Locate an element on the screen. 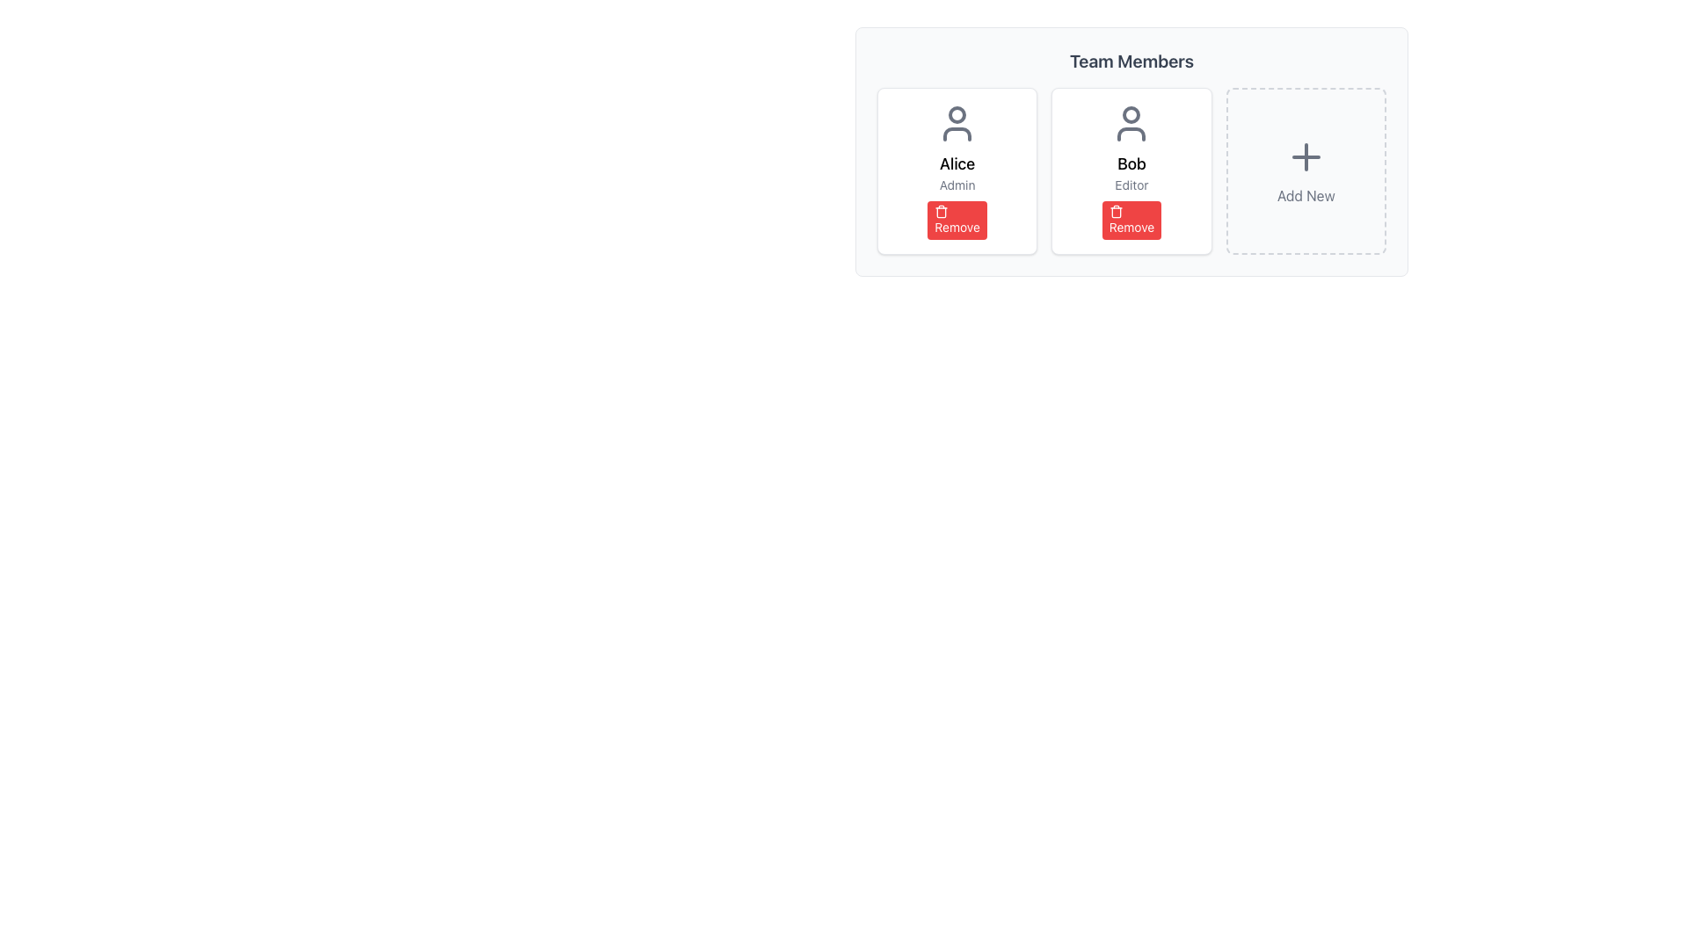 Image resolution: width=1688 pixels, height=949 pixels. the 'Add New' button, which is a rectangular button with a dashed border and a centered plus icon, located to the right of the 'Alice' and 'Bob' buttons is located at coordinates (1306, 171).